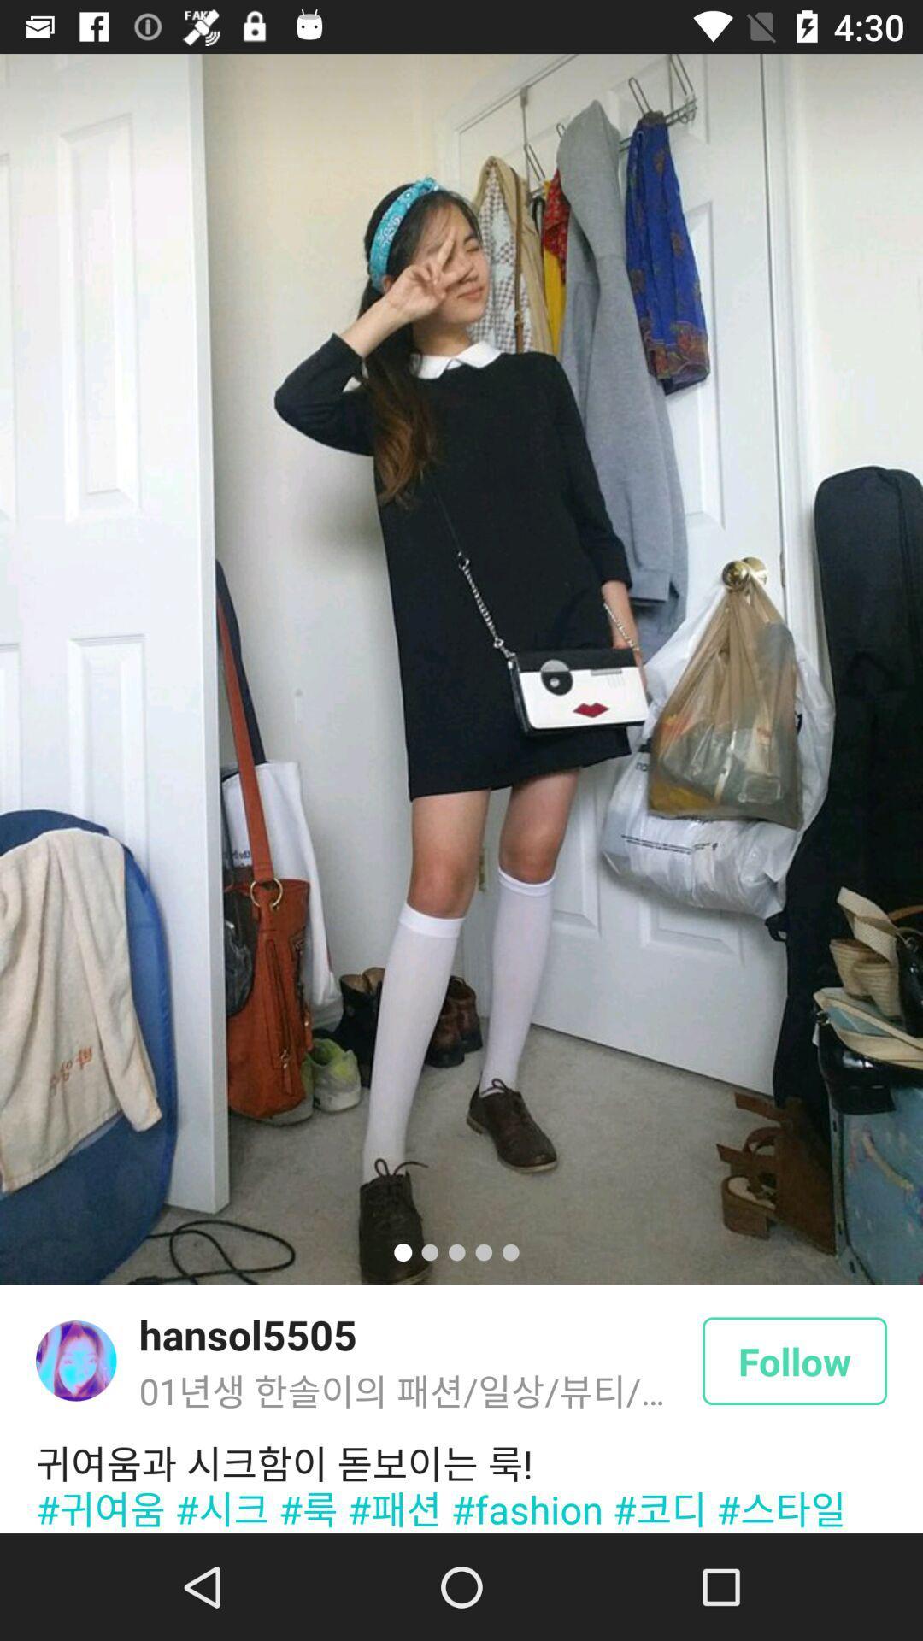 This screenshot has height=1641, width=923. What do you see at coordinates (248, 1333) in the screenshot?
I see `the icon next to follow item` at bounding box center [248, 1333].